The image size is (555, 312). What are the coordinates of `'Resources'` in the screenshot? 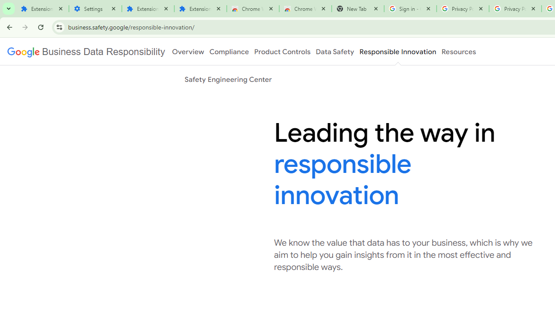 It's located at (458, 52).